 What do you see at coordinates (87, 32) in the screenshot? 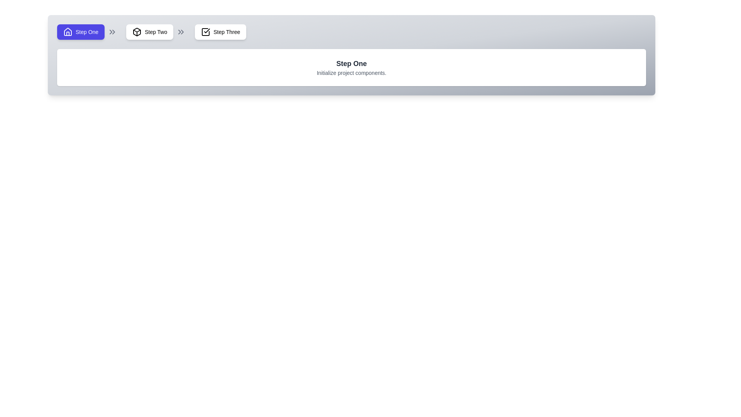
I see `the static text label displaying 'Step One' located within the first button of the horizontal navigation bar, positioned to the right of the house icon` at bounding box center [87, 32].